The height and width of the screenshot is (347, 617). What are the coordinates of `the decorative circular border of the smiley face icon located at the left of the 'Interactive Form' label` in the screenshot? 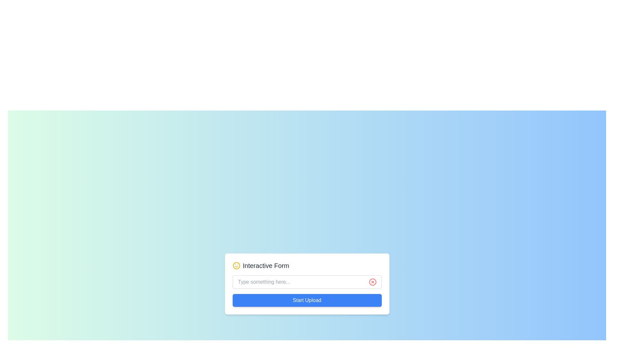 It's located at (236, 265).